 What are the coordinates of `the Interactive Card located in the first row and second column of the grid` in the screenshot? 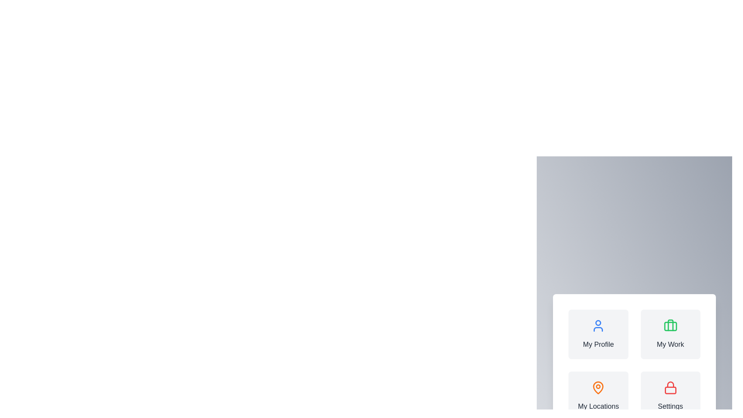 It's located at (670, 334).